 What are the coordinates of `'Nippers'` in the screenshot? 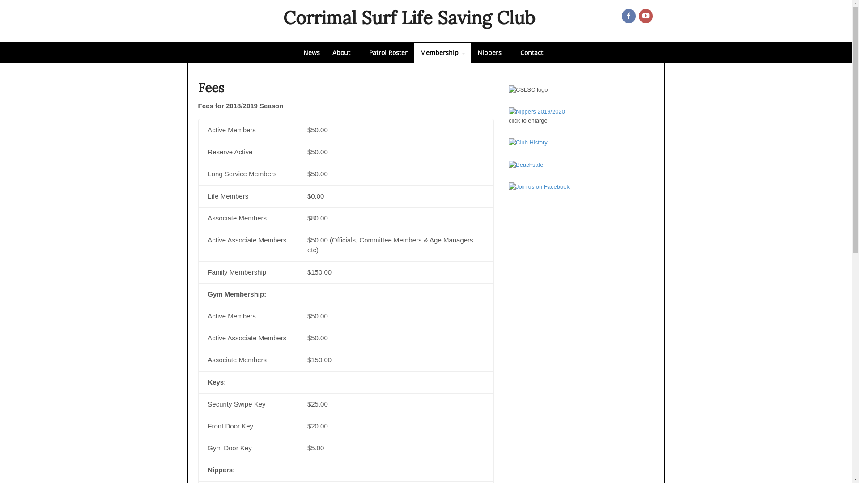 It's located at (491, 53).